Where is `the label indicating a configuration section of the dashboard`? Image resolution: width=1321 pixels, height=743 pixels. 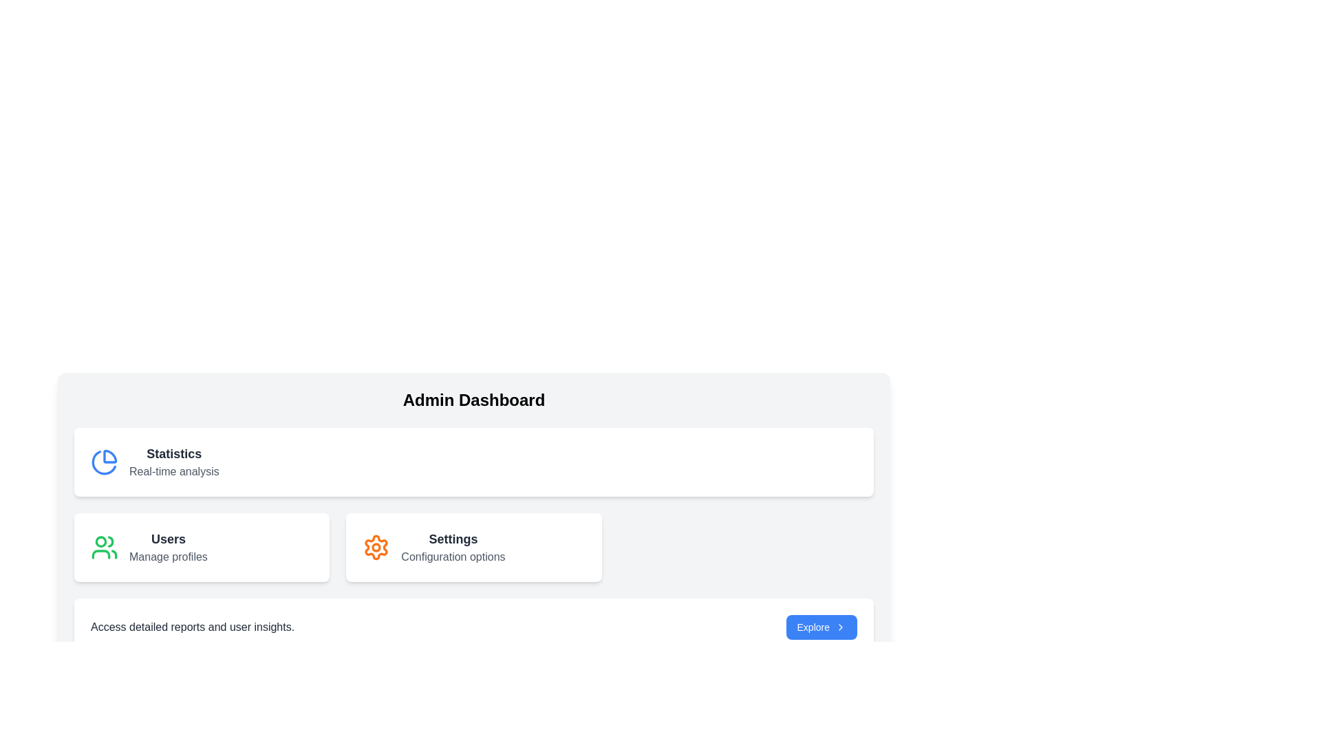
the label indicating a configuration section of the dashboard is located at coordinates (453, 546).